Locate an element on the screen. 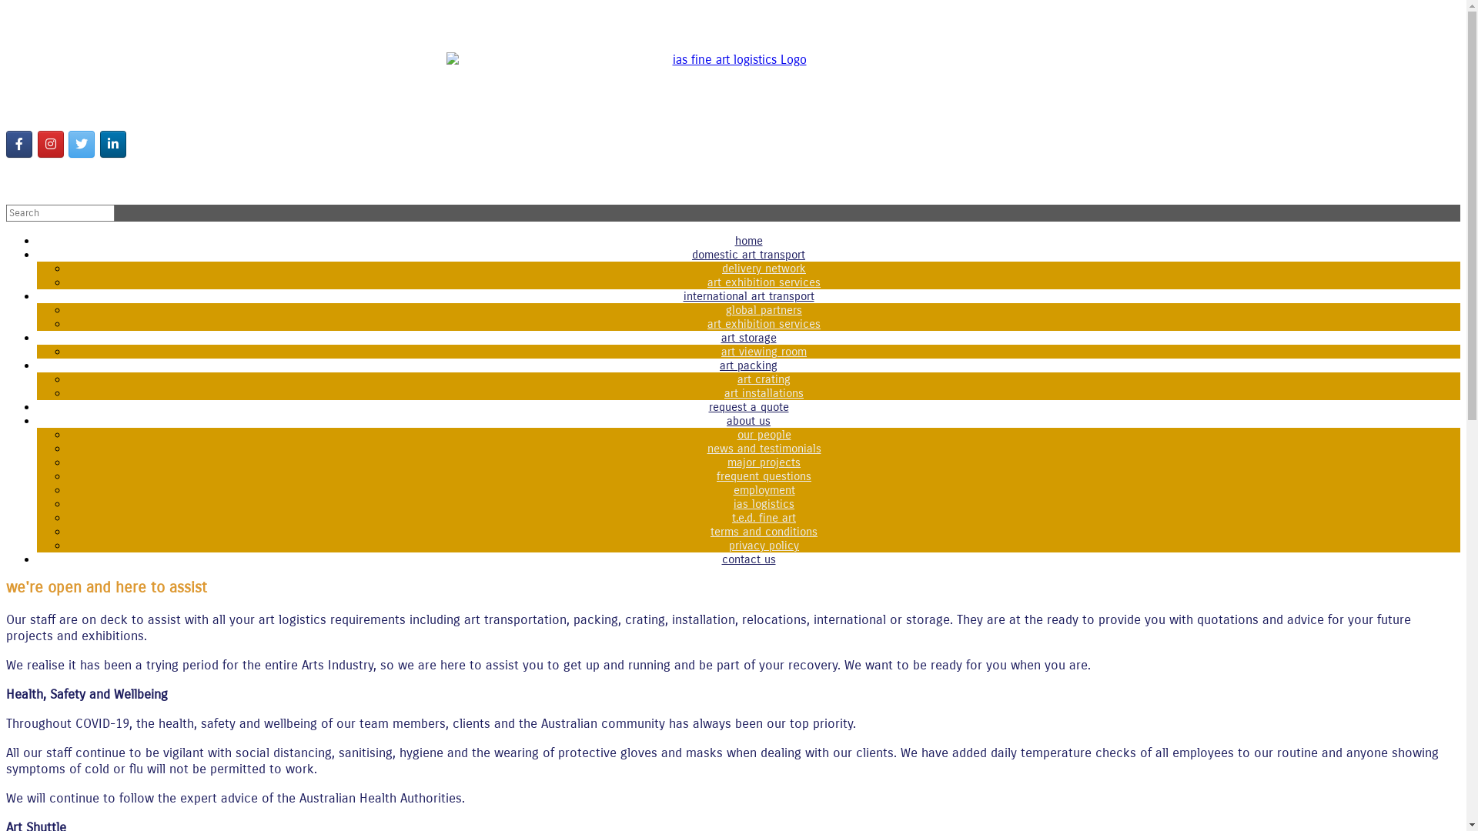  'Follow us' is located at coordinates (6, 144).